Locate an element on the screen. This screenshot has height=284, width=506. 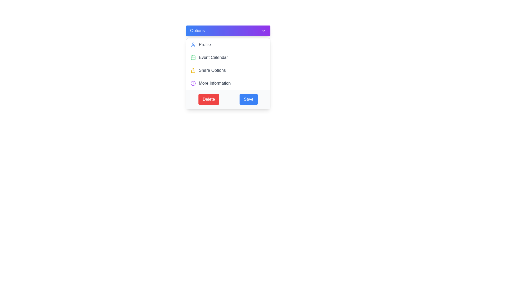
the 'Options' text label which is styled in a bold, white font on a gradient-colored header at the top of the dropdown interface is located at coordinates (197, 31).